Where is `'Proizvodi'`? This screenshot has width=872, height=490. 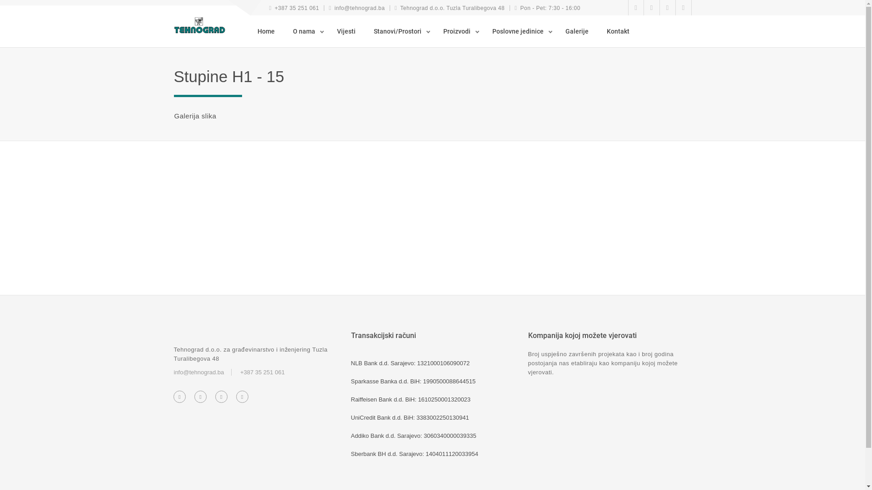 'Proizvodi' is located at coordinates (461, 31).